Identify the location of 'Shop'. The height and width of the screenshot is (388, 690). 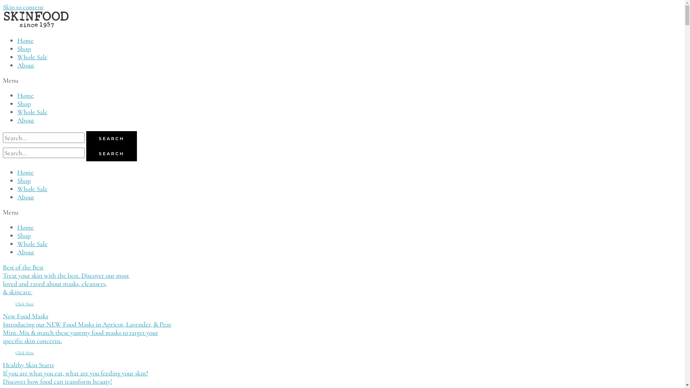
(24, 180).